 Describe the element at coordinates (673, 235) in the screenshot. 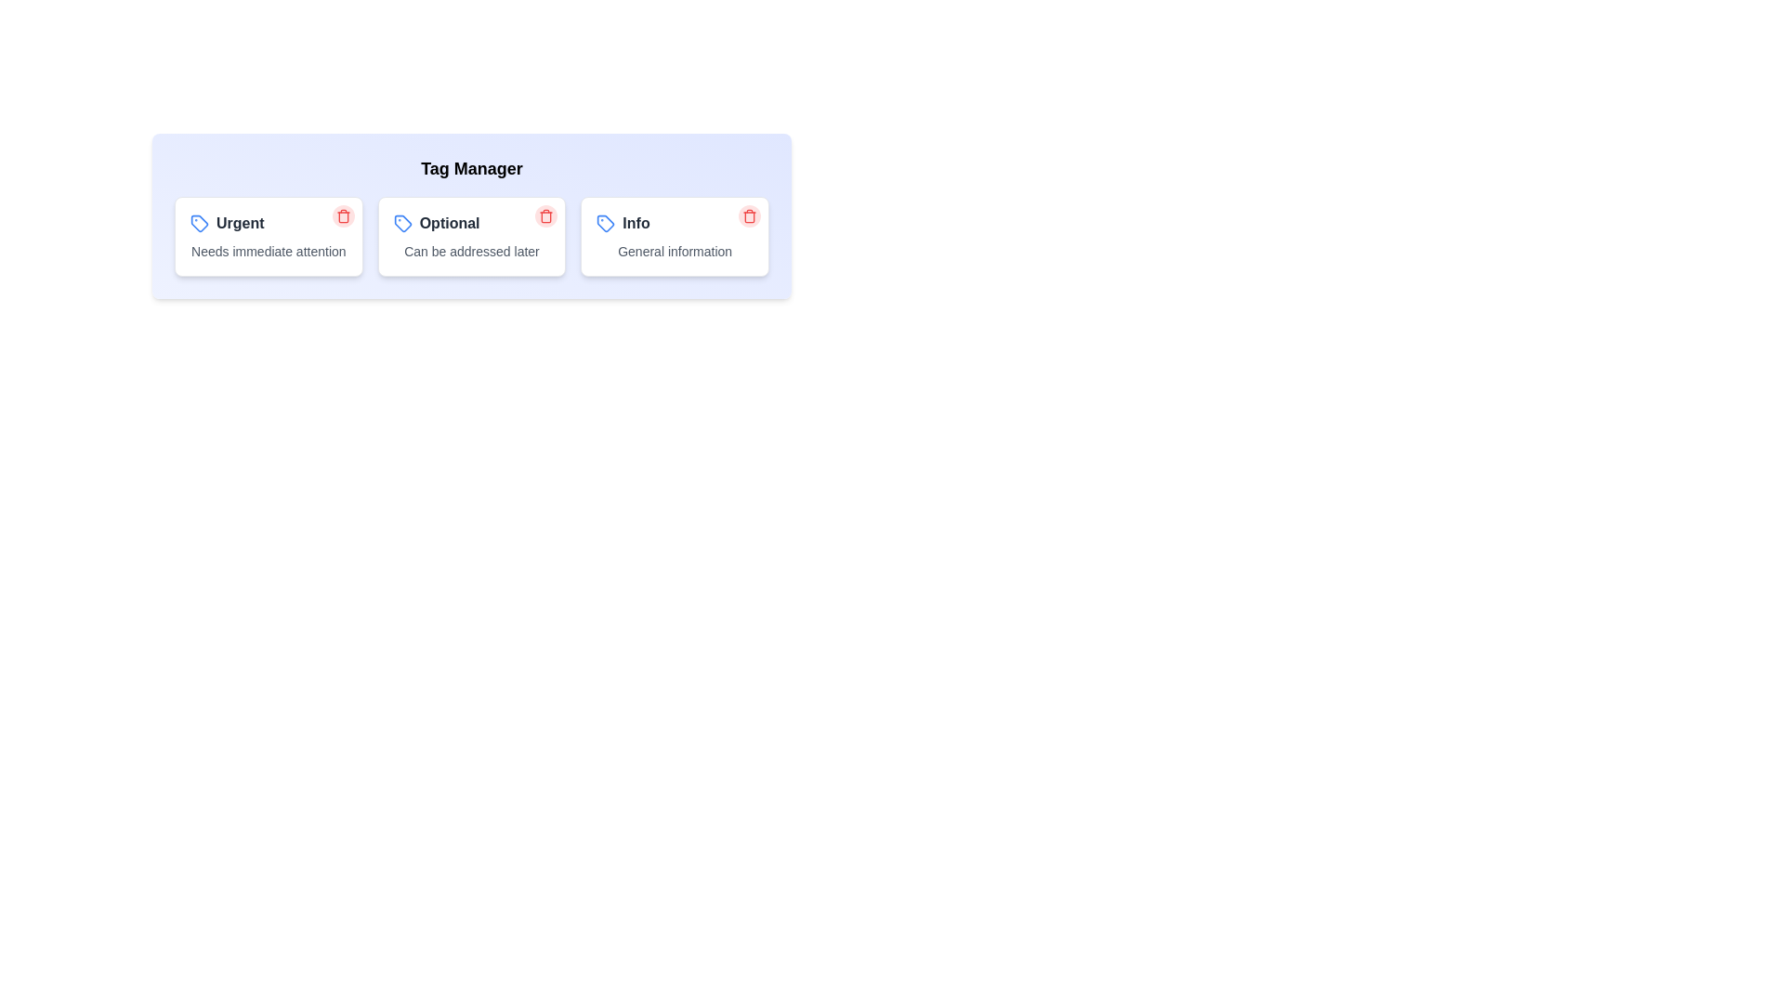

I see `the tag Info by clicking on its container` at that location.